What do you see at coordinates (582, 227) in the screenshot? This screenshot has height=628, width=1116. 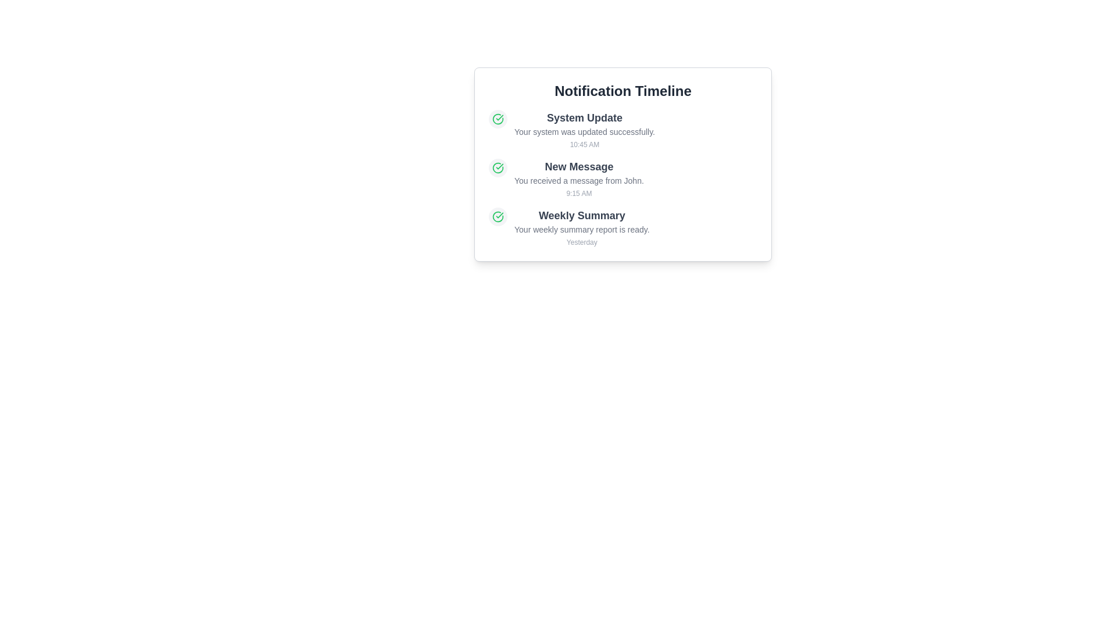 I see `the text block labeled 'Weekly Summary', which includes the lines 'Your weekly summary report is ready.' and 'Yesterday'` at bounding box center [582, 227].